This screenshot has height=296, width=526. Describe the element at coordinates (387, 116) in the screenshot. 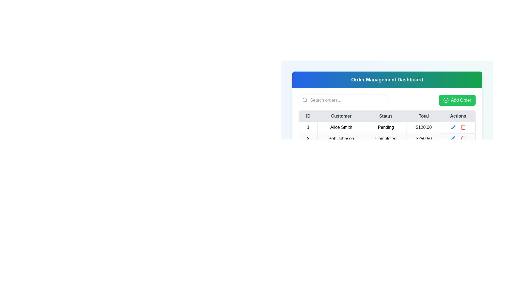

I see `the 'Status' text label in the table header, which is centrally aligned and styled in bold font, located between the 'Customer' and 'Total' columns` at that location.